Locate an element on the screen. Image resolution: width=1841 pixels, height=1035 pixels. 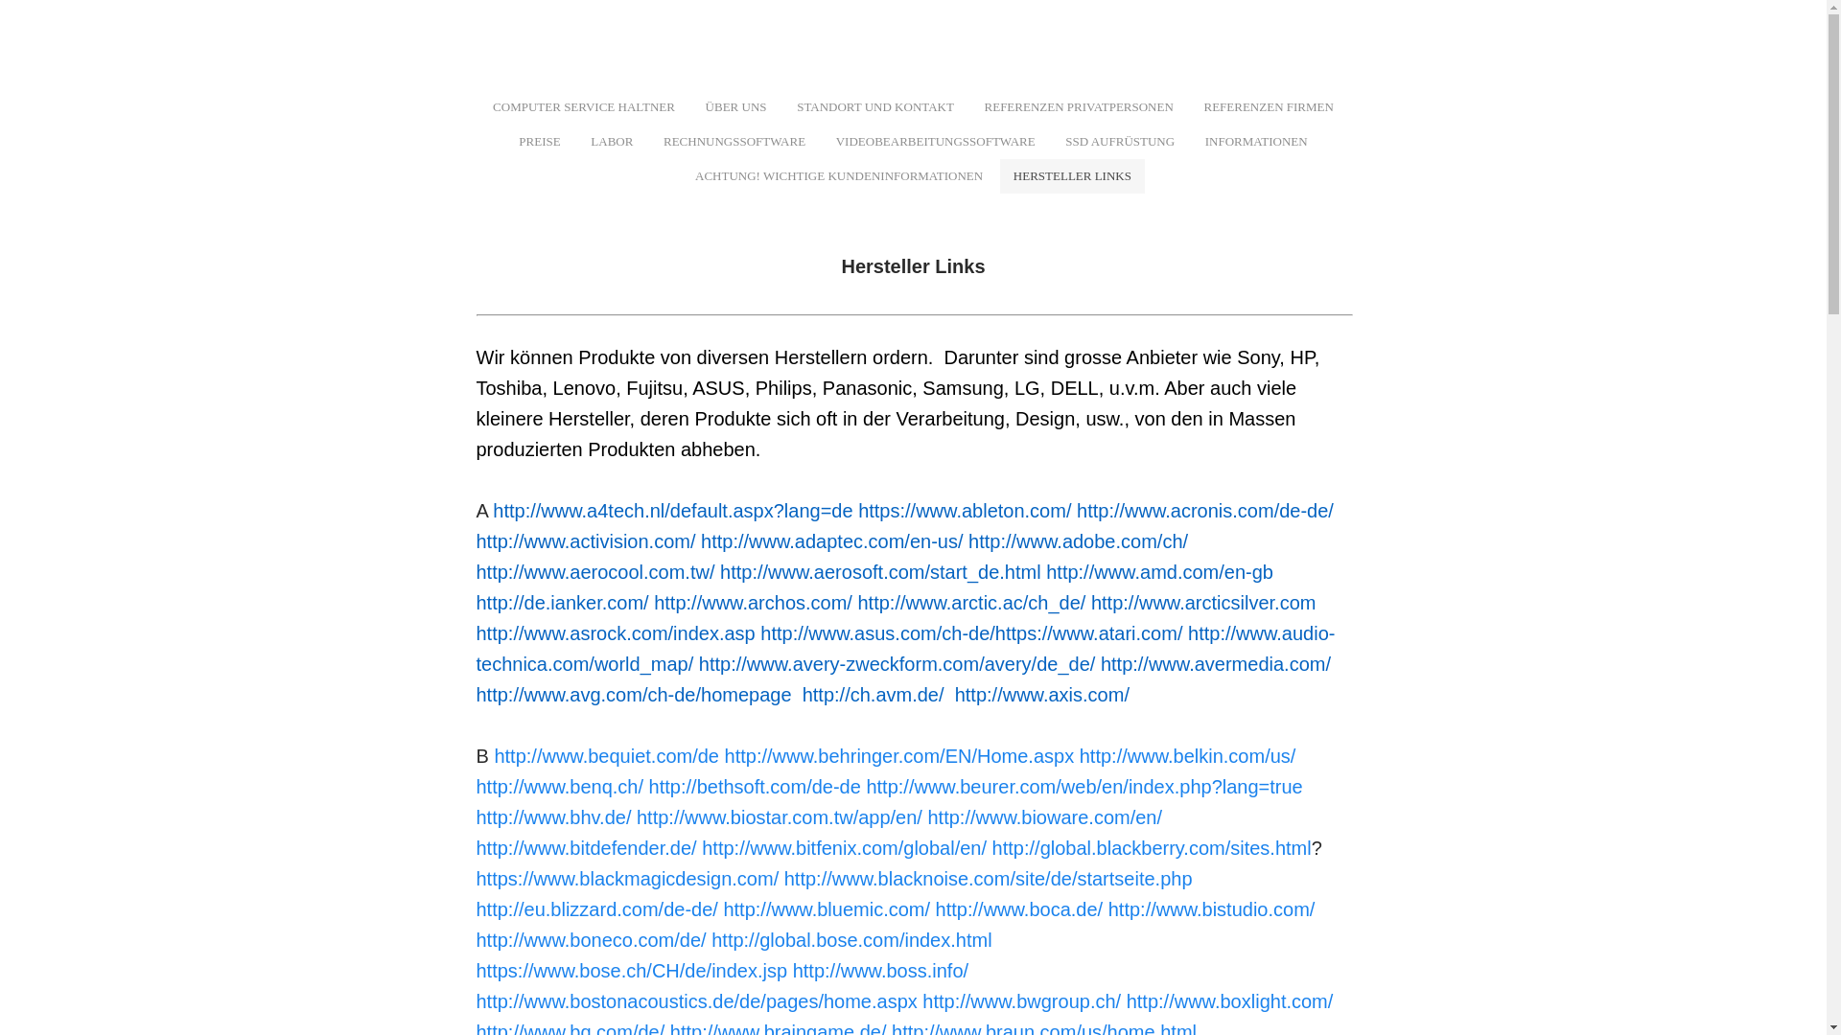
'INFORMATIONEN' is located at coordinates (1256, 140).